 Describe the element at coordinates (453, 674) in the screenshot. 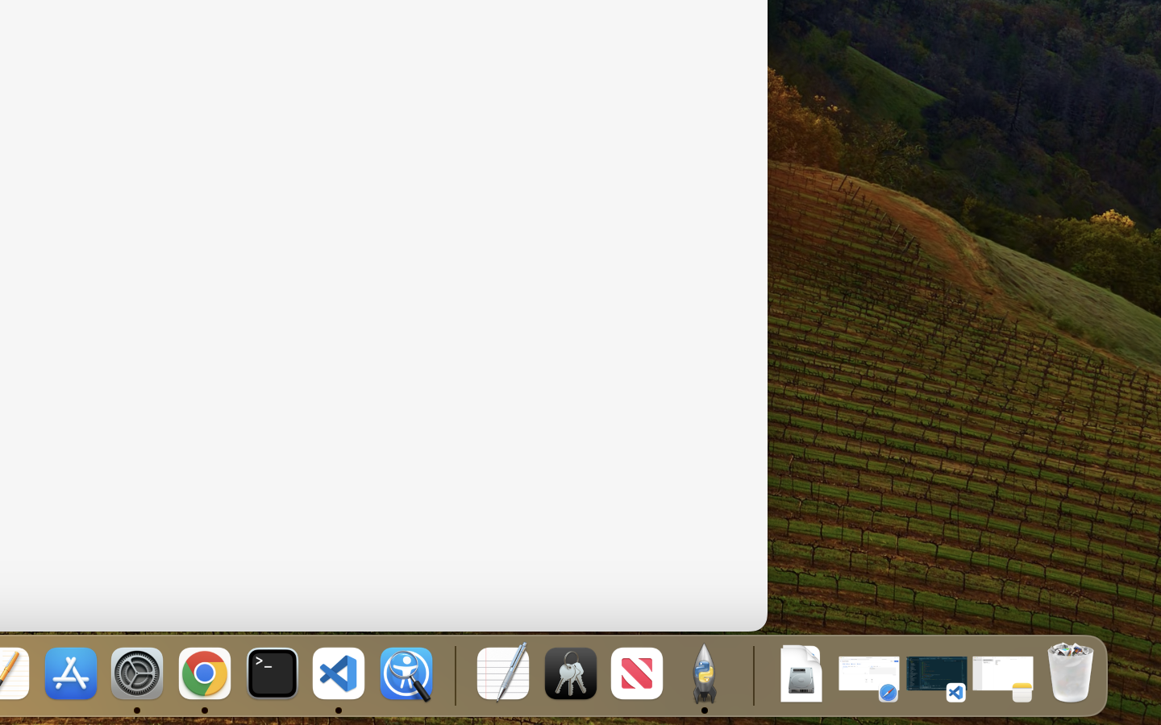

I see `'0.4285714328289032'` at that location.